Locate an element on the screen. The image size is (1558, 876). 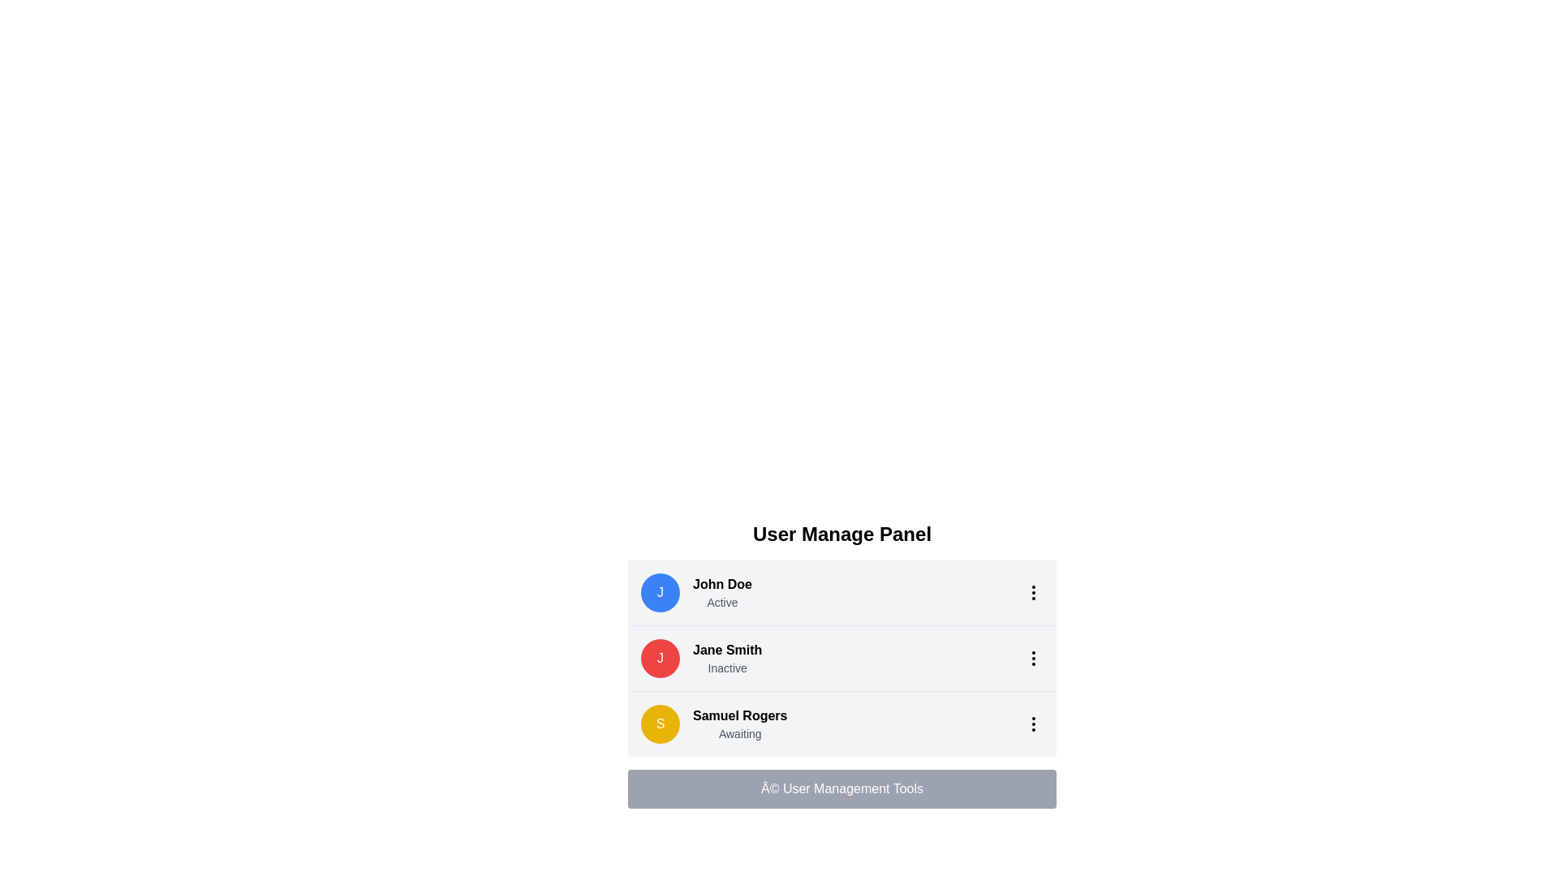
the button located at the rightmost edge of the row containing the 'John Doe' user entry is located at coordinates (1032, 593).